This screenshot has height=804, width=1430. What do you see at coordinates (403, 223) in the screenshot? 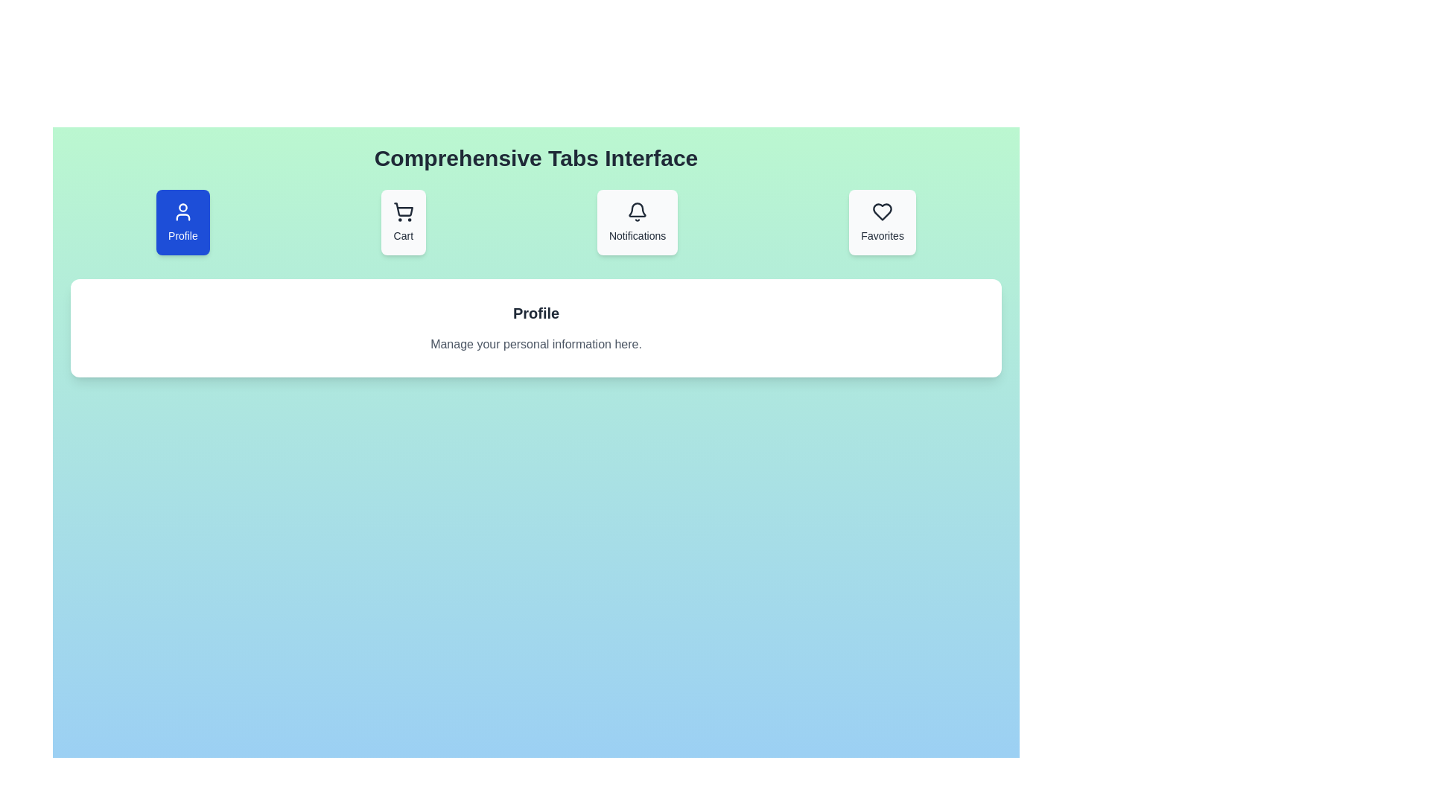
I see `the shopping cart icon on the 'Cart' button, which has a light gray background and is located between the 'Profile' and 'Notifications' buttons` at bounding box center [403, 223].